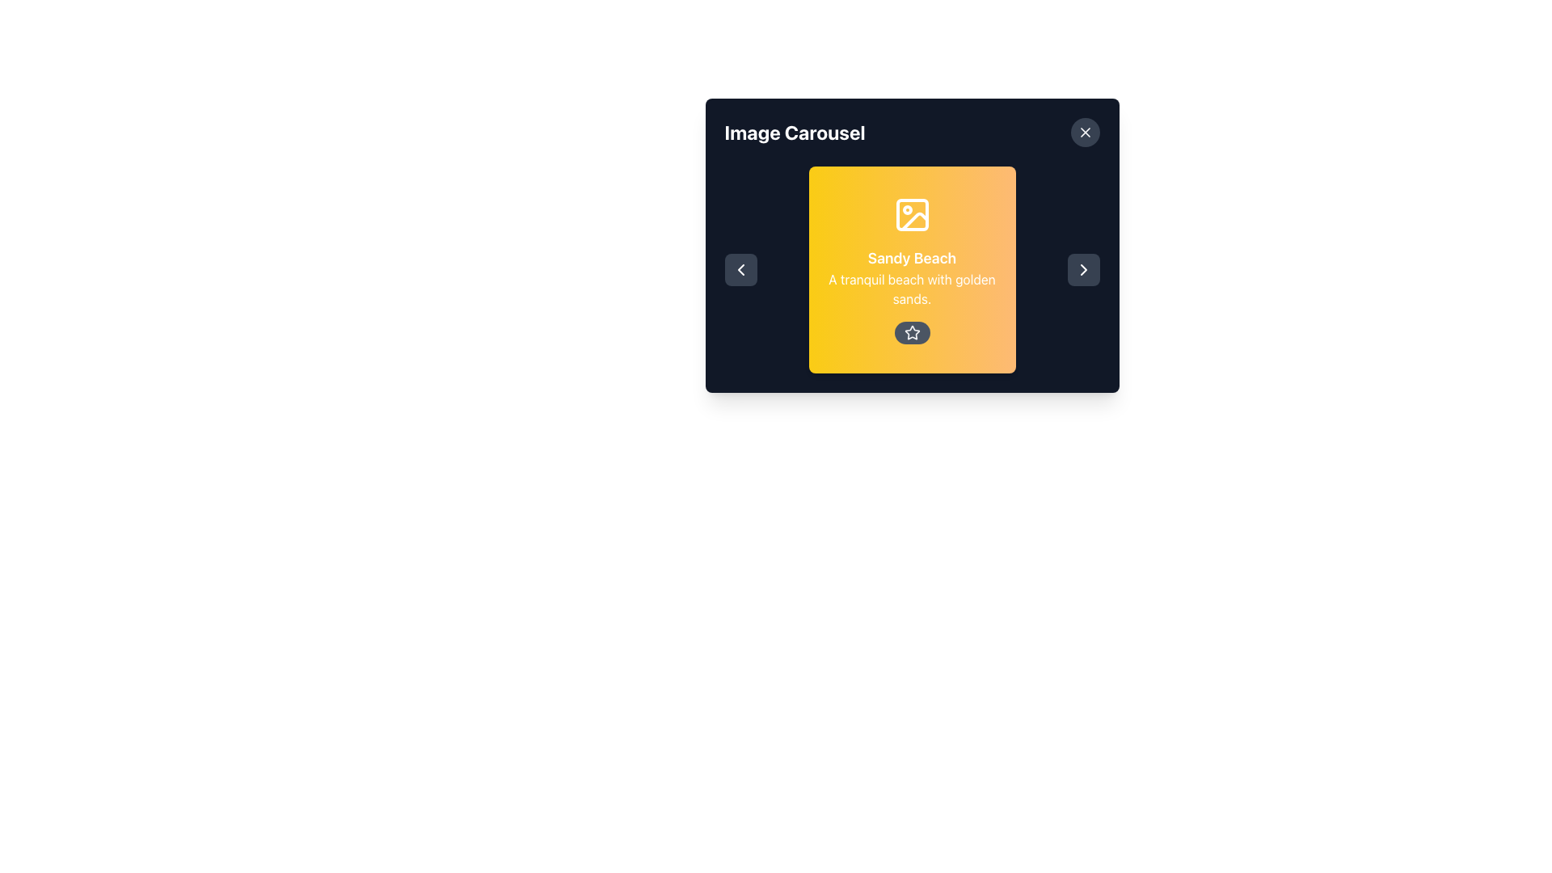 This screenshot has width=1552, height=873. What do you see at coordinates (912, 214) in the screenshot?
I see `the graphical component located centrally within the image placeholder icon of the 'Sandy Beach' feature box in the carousel interface` at bounding box center [912, 214].